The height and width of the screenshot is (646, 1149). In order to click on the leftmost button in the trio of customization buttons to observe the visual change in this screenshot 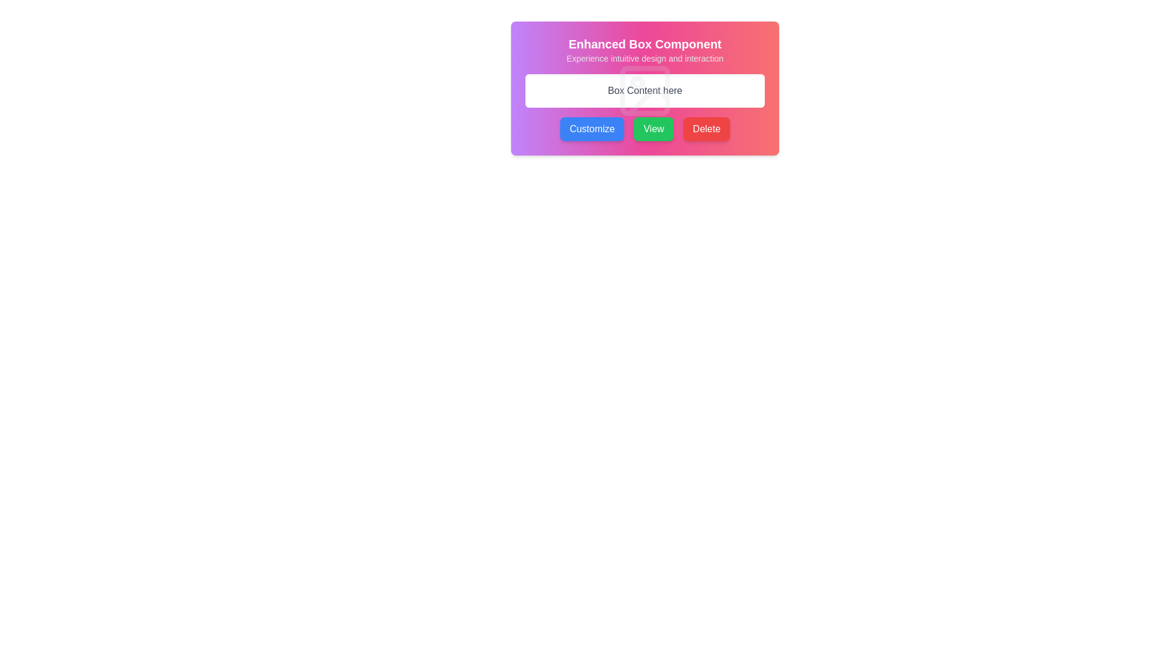, I will do `click(592, 129)`.